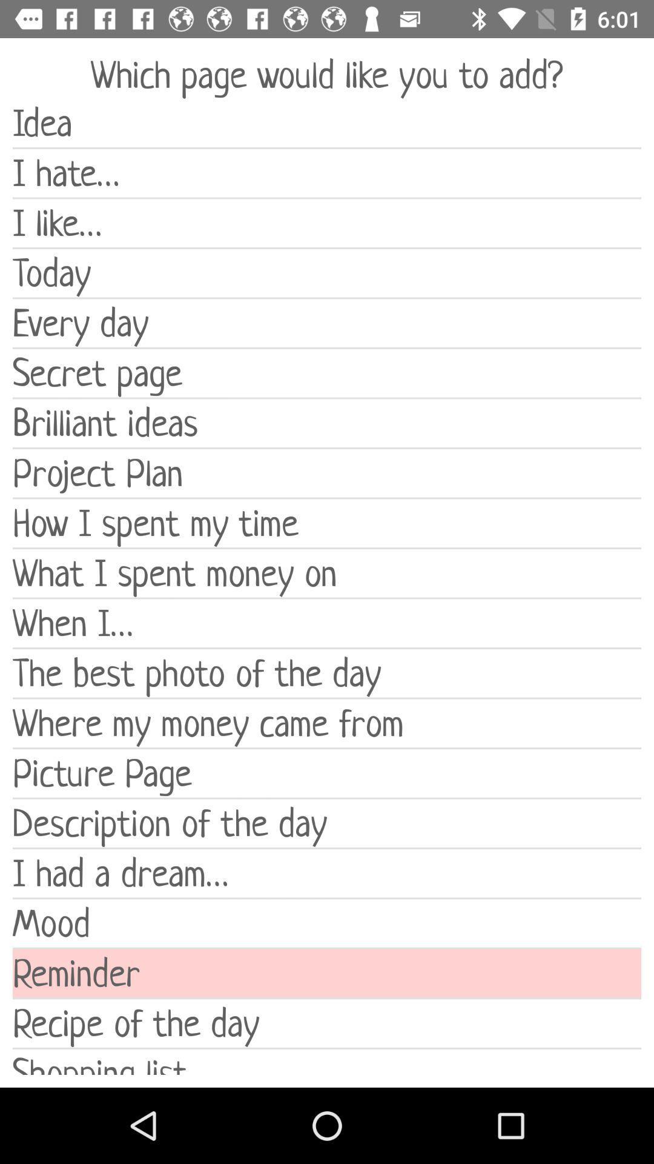  What do you see at coordinates (327, 472) in the screenshot?
I see `the item below the brilliant ideas icon` at bounding box center [327, 472].